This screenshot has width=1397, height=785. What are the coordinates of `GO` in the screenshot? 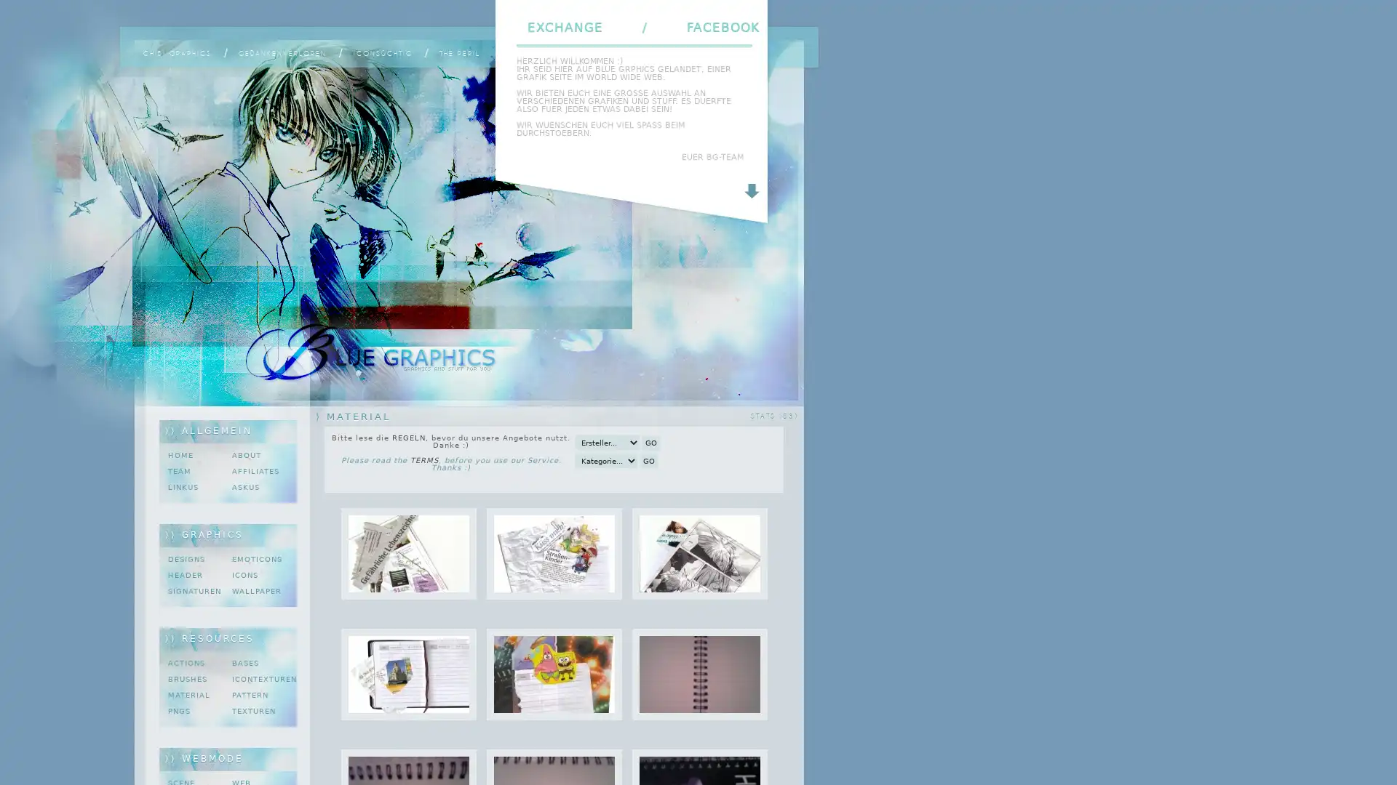 It's located at (648, 460).